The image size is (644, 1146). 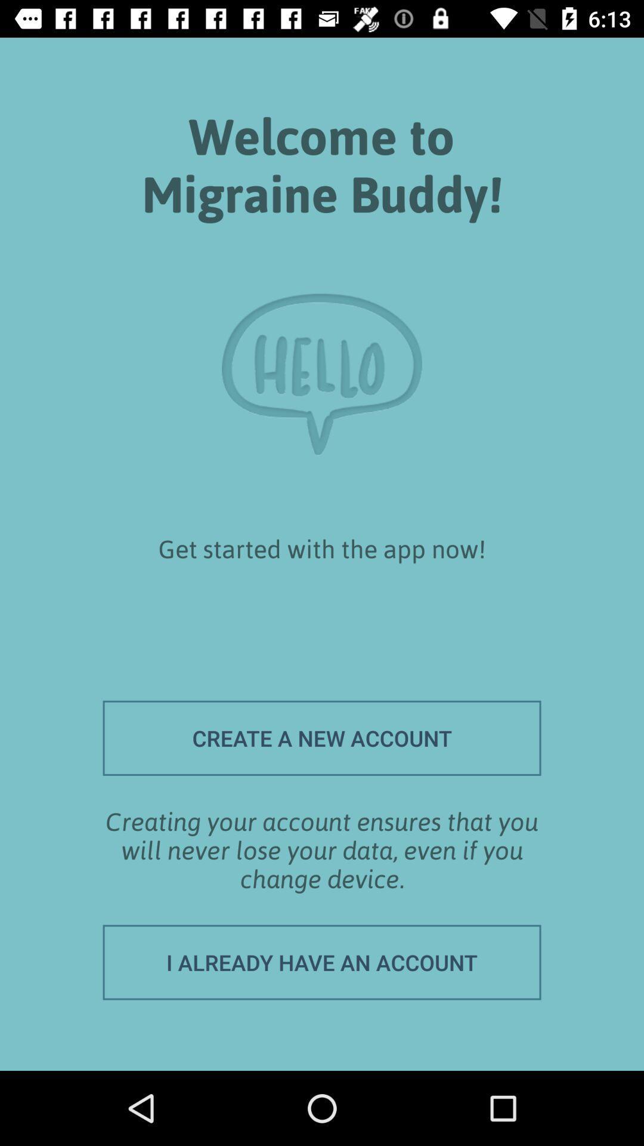 What do you see at coordinates (322, 737) in the screenshot?
I see `app below the get started with` at bounding box center [322, 737].